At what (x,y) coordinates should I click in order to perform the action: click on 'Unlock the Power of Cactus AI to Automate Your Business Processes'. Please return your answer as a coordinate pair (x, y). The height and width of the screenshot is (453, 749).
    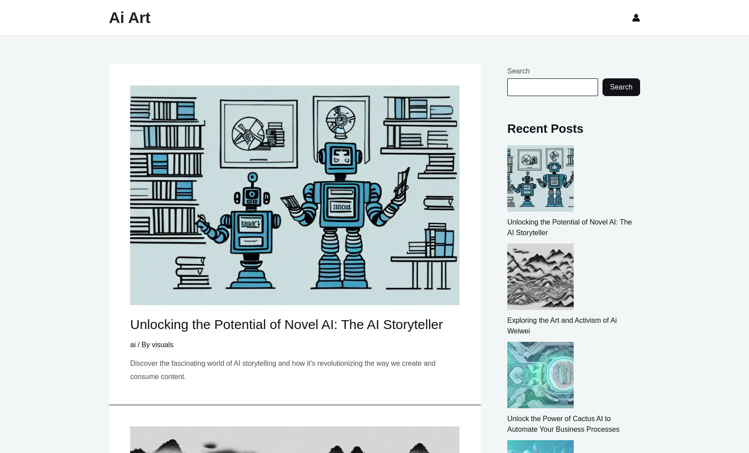
    Looking at the image, I should click on (563, 423).